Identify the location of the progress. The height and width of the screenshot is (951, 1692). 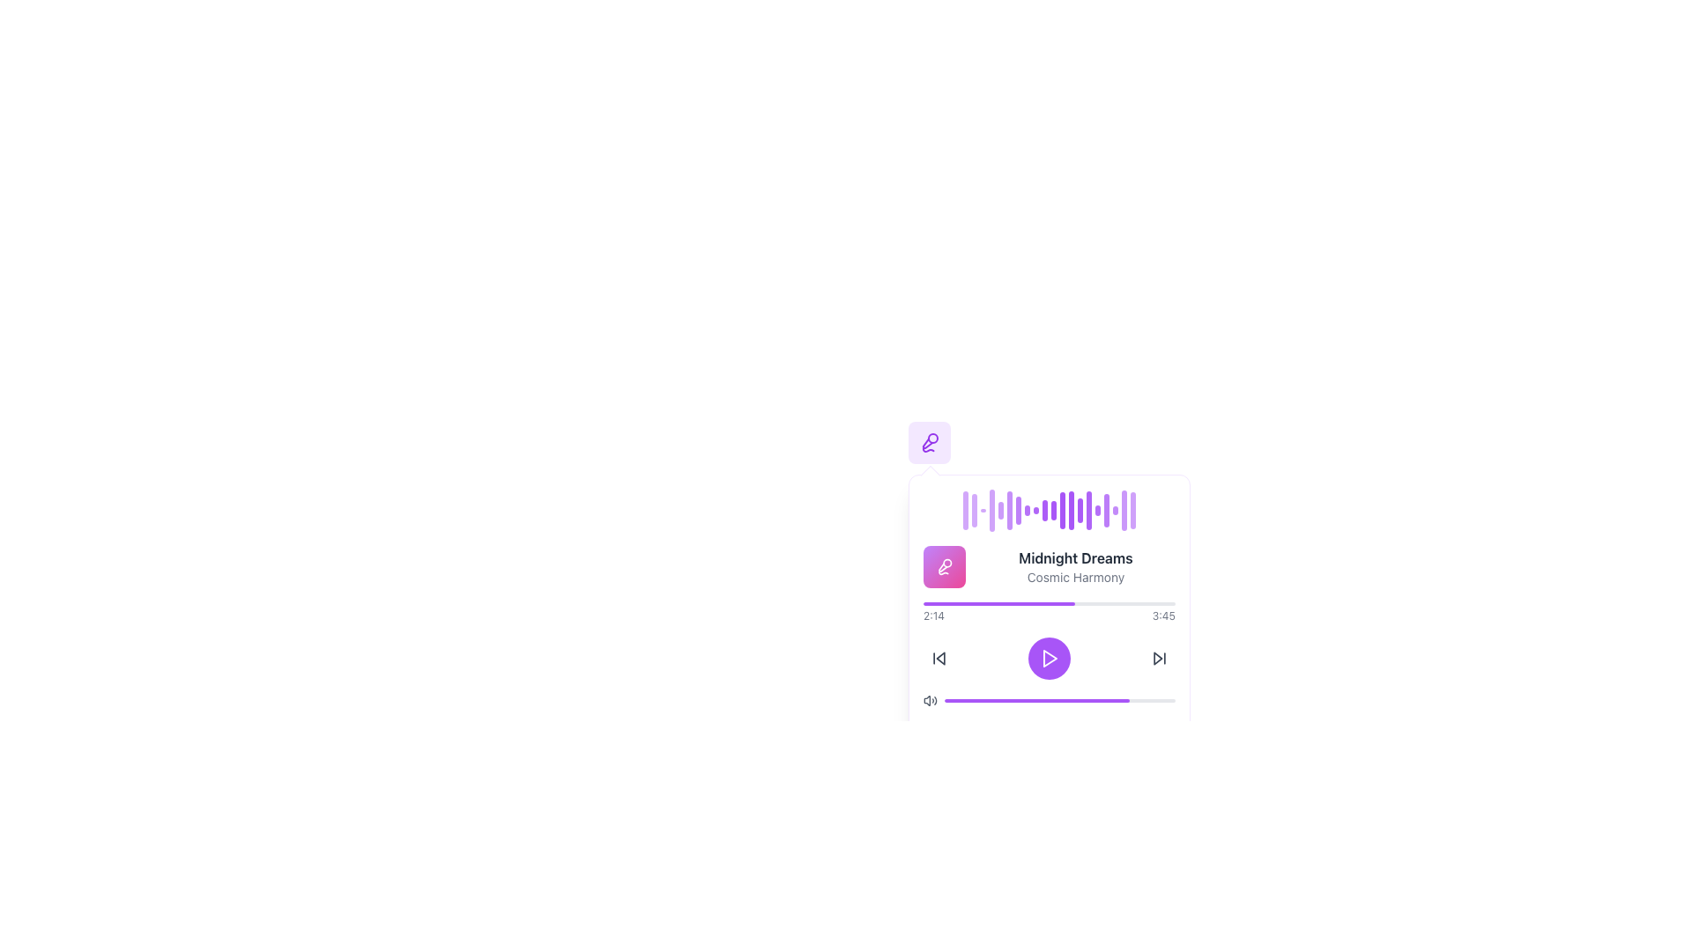
(1020, 699).